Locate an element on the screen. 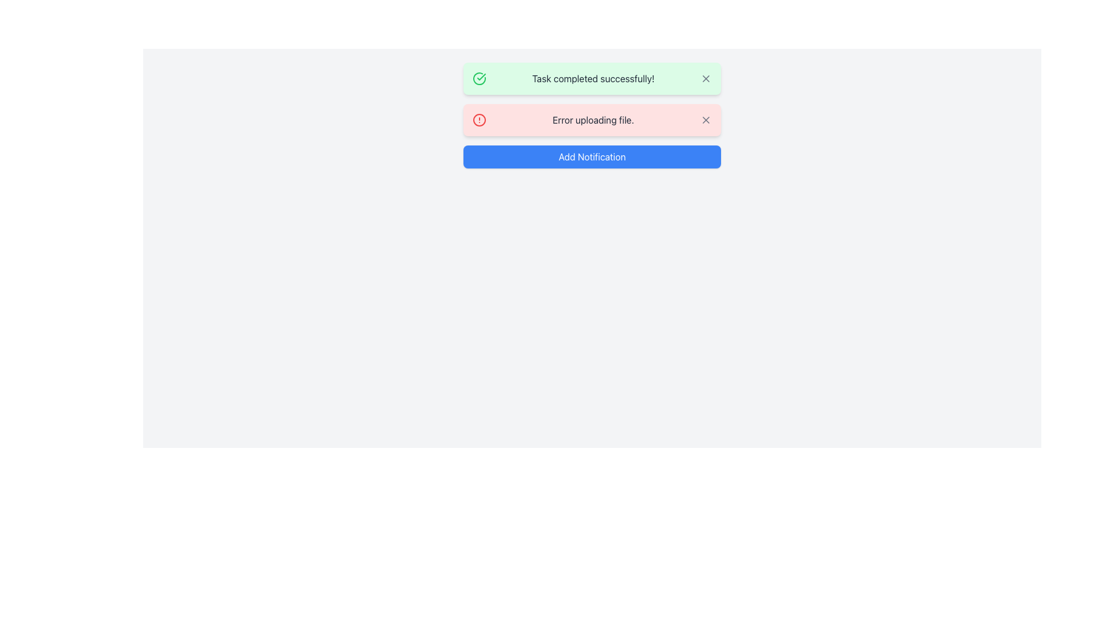 This screenshot has width=1104, height=621. message 'Task completed successfully!' displayed in gray color inside the green rounded notification box is located at coordinates (593, 78).